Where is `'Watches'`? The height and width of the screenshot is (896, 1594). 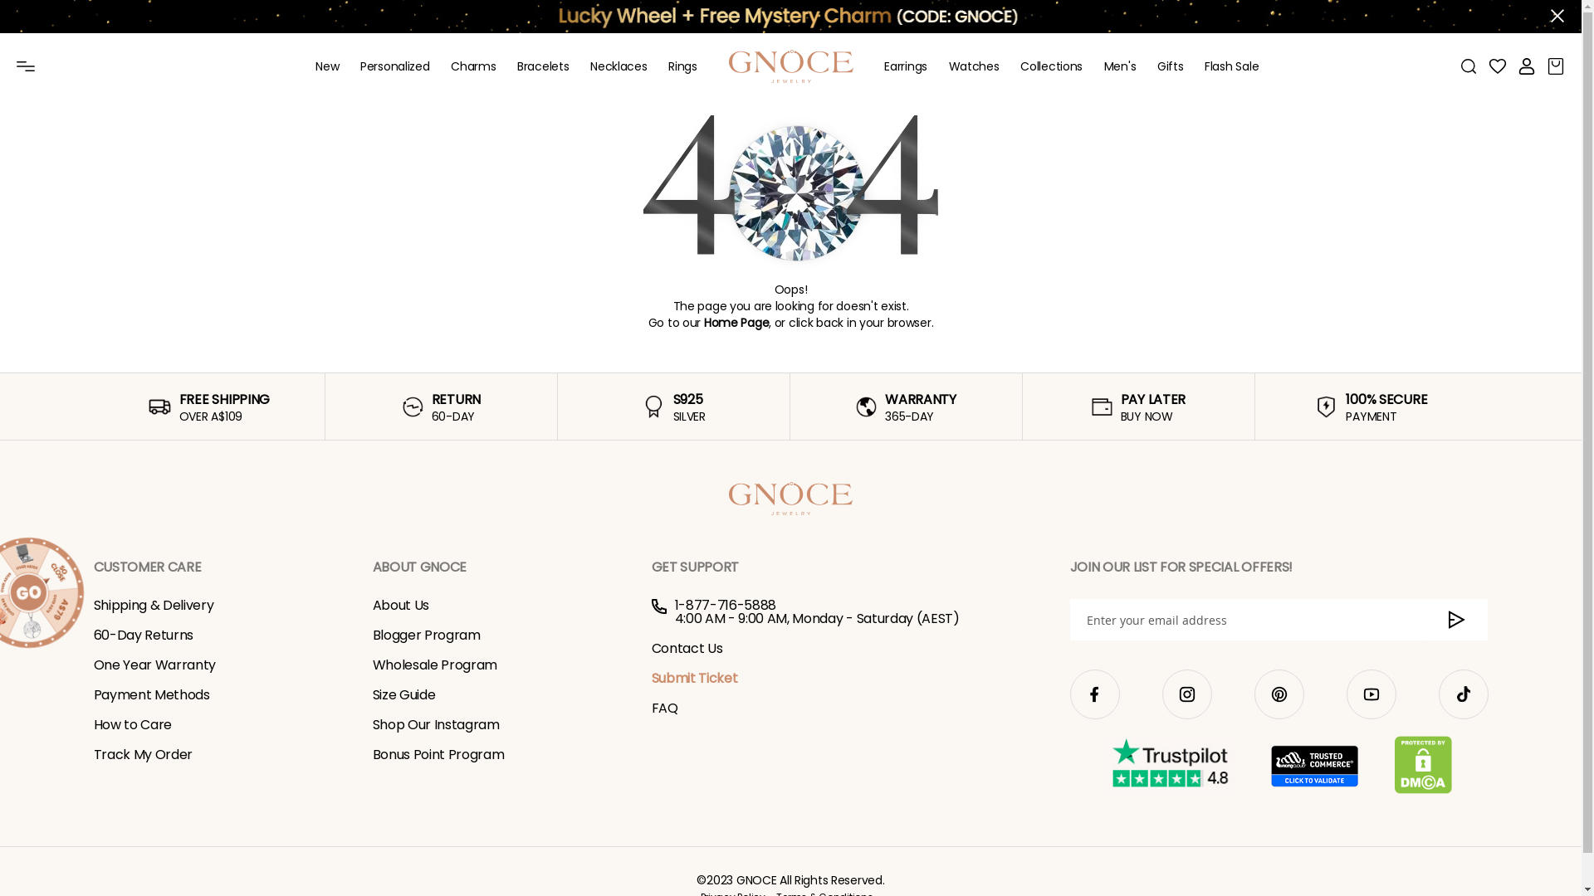 'Watches' is located at coordinates (974, 66).